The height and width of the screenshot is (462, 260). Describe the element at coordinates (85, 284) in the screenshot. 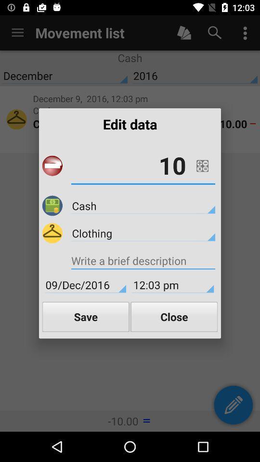

I see `icon next to the 12:03 pm` at that location.